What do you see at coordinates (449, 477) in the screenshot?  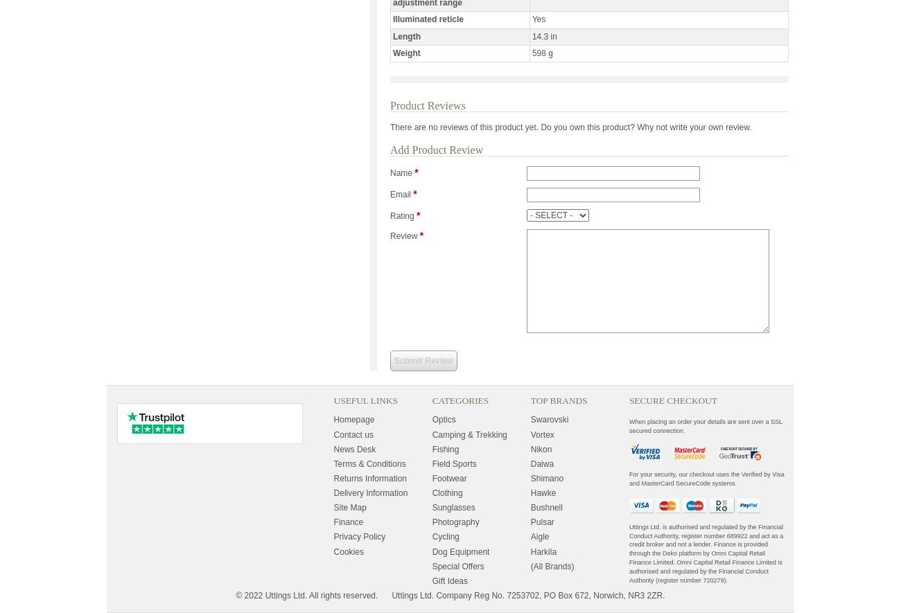 I see `'Footwear'` at bounding box center [449, 477].